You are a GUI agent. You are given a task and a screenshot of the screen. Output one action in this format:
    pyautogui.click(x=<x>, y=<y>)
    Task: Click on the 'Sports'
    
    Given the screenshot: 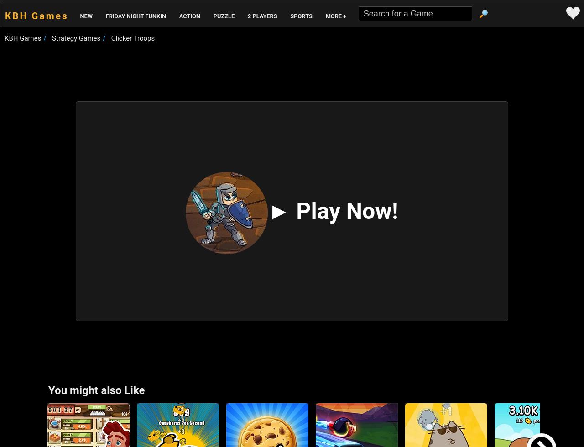 What is the action you would take?
    pyautogui.click(x=301, y=16)
    